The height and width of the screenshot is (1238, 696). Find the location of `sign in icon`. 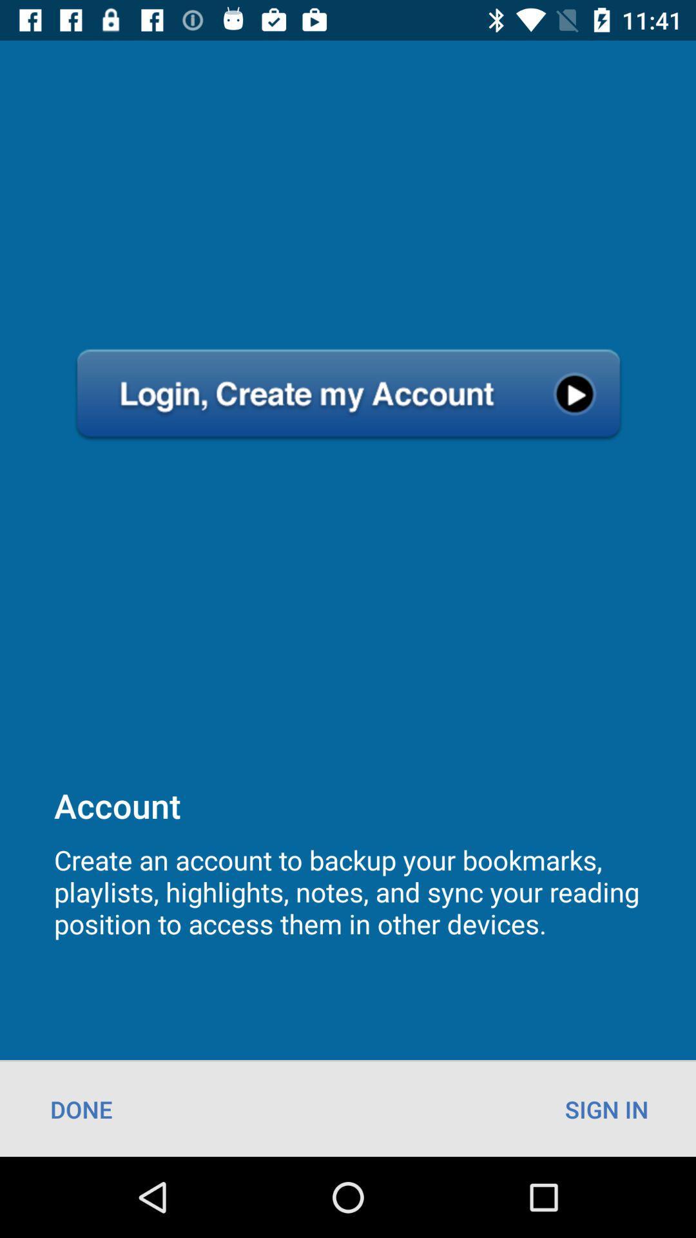

sign in icon is located at coordinates (606, 1108).